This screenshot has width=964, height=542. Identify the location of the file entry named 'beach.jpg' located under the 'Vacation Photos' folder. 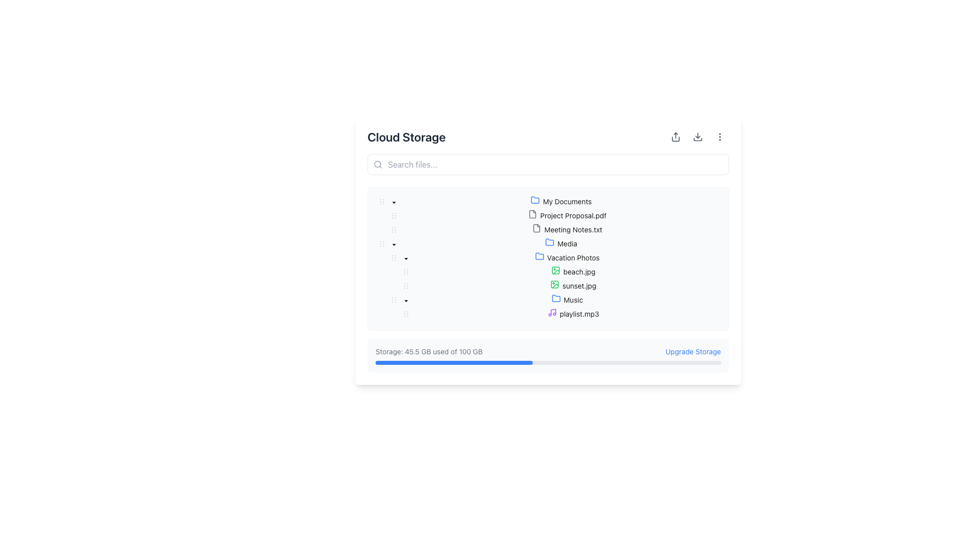
(547, 272).